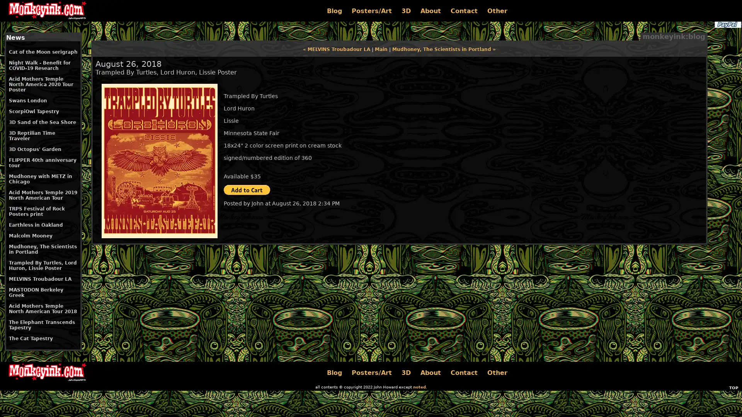 This screenshot has width=742, height=417. Describe the element at coordinates (246, 190) in the screenshot. I see `PayPal - The safer, easier way to pay online!` at that location.